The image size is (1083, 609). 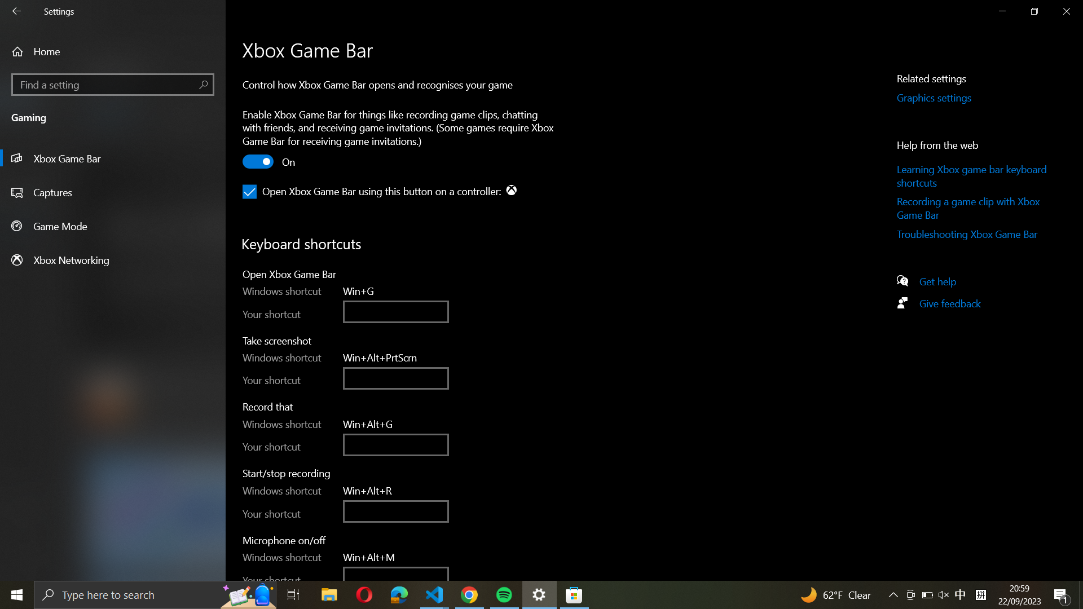 What do you see at coordinates (113, 51) in the screenshot?
I see `Go back to the home page in settings by clicking on the icon shaped like a house` at bounding box center [113, 51].